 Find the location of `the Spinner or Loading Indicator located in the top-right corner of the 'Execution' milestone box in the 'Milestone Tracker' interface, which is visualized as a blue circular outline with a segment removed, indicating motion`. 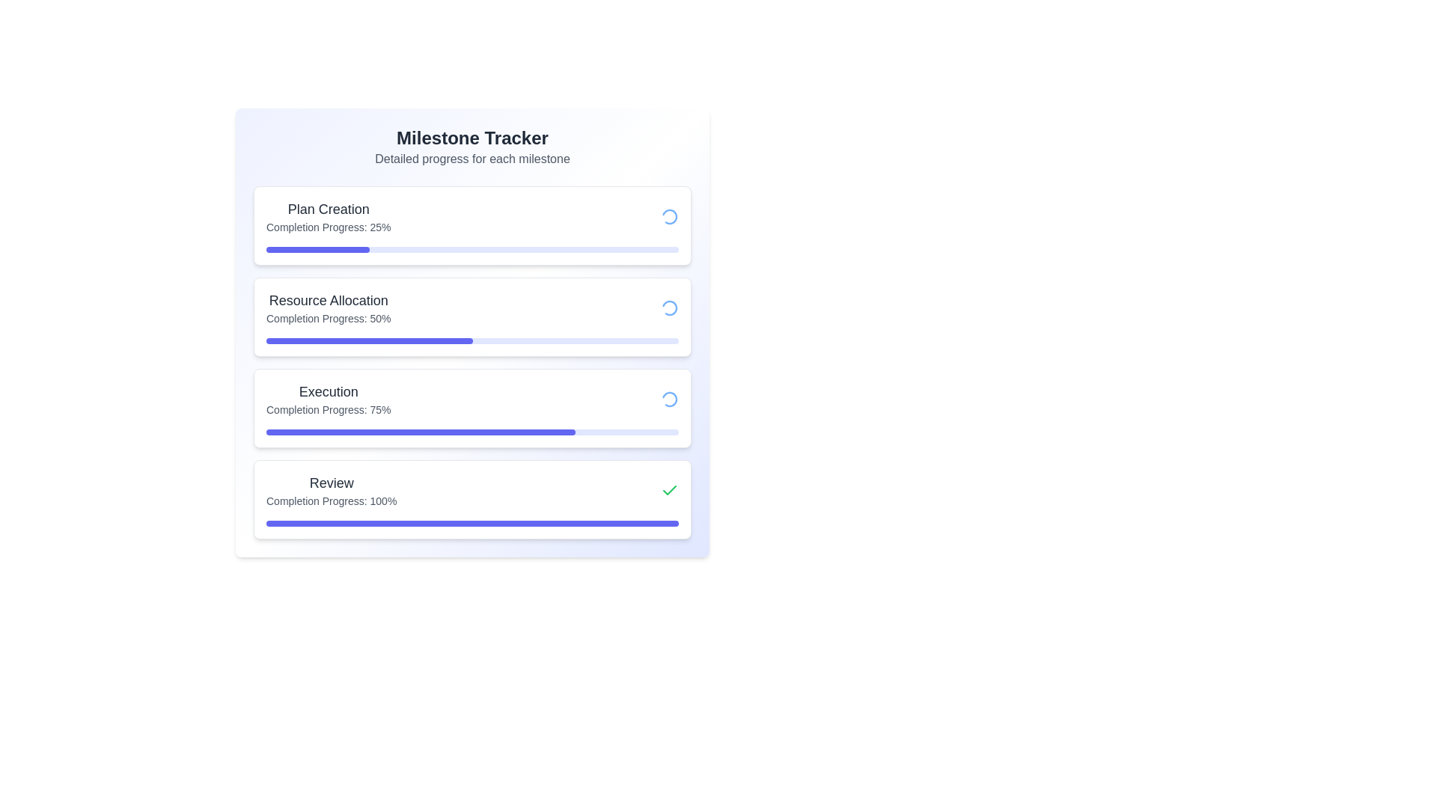

the Spinner or Loading Indicator located in the top-right corner of the 'Execution' milestone box in the 'Milestone Tracker' interface, which is visualized as a blue circular outline with a segment removed, indicating motion is located at coordinates (668, 398).